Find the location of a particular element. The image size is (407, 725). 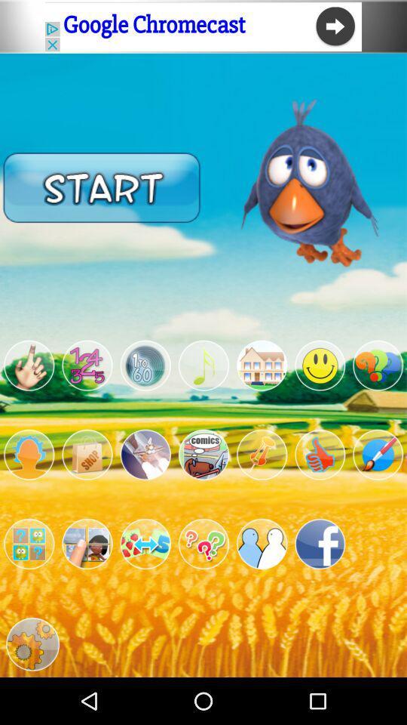

paint with brush is located at coordinates (377, 454).